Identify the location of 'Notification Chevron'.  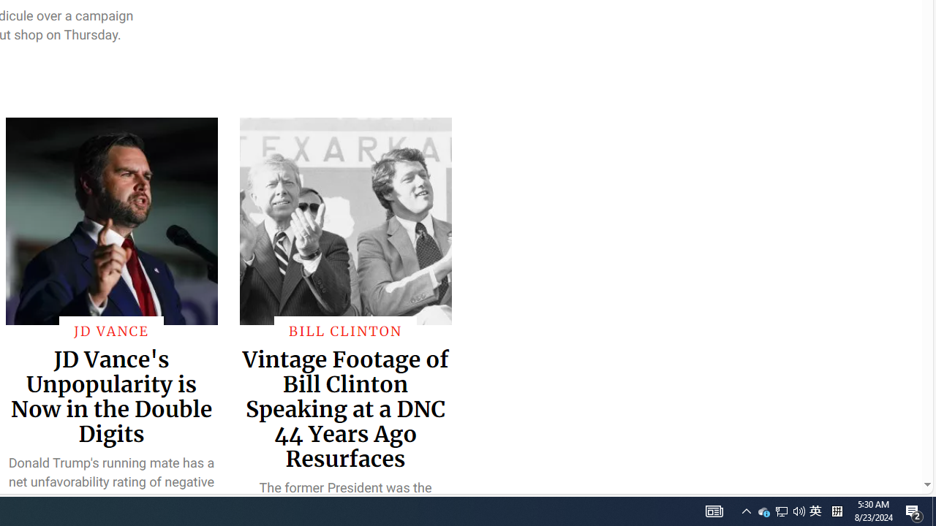
(746, 510).